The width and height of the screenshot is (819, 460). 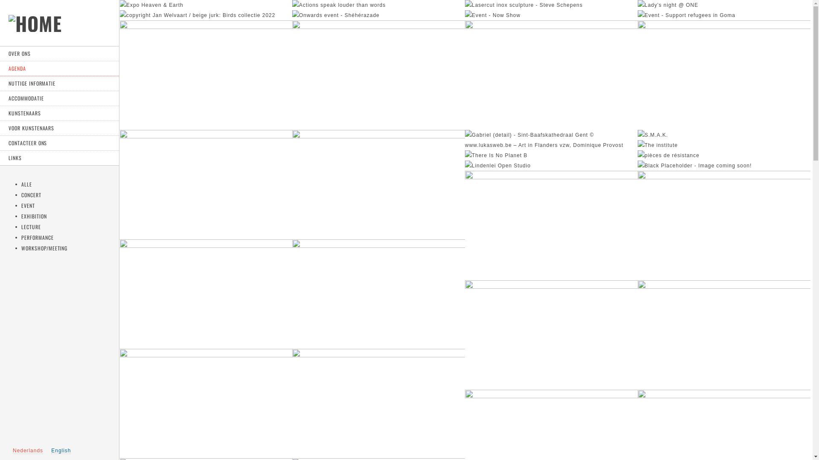 I want to click on 'AGENDA', so click(x=59, y=68).